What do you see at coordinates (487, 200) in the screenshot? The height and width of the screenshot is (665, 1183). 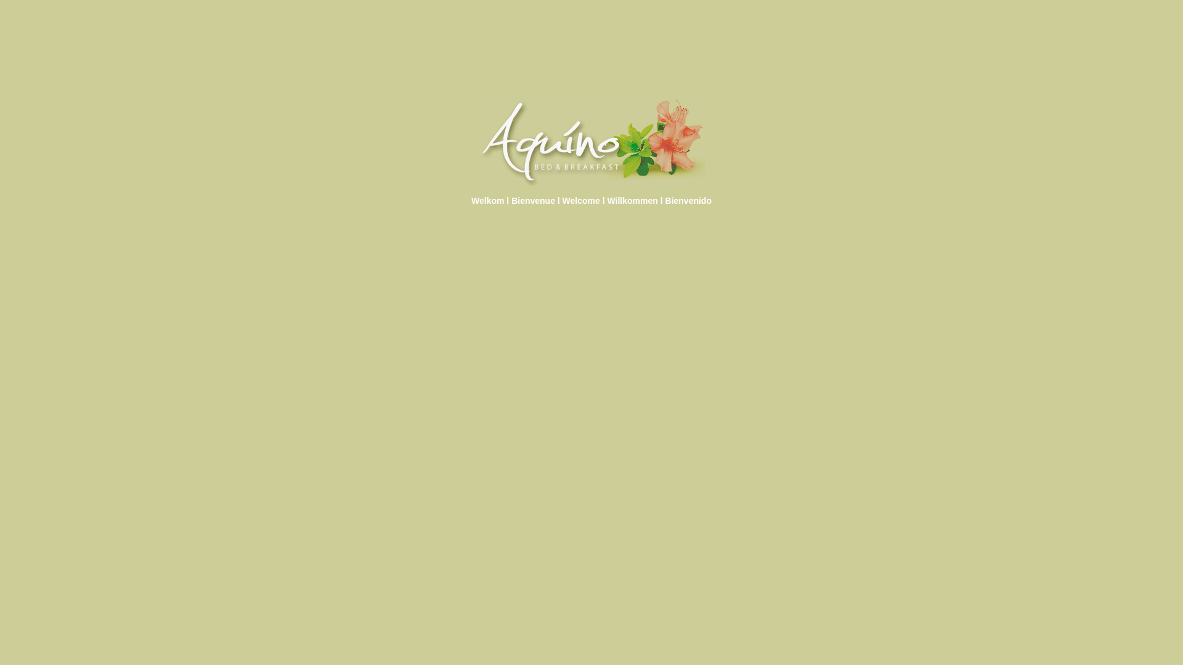 I see `'Welkom'` at bounding box center [487, 200].